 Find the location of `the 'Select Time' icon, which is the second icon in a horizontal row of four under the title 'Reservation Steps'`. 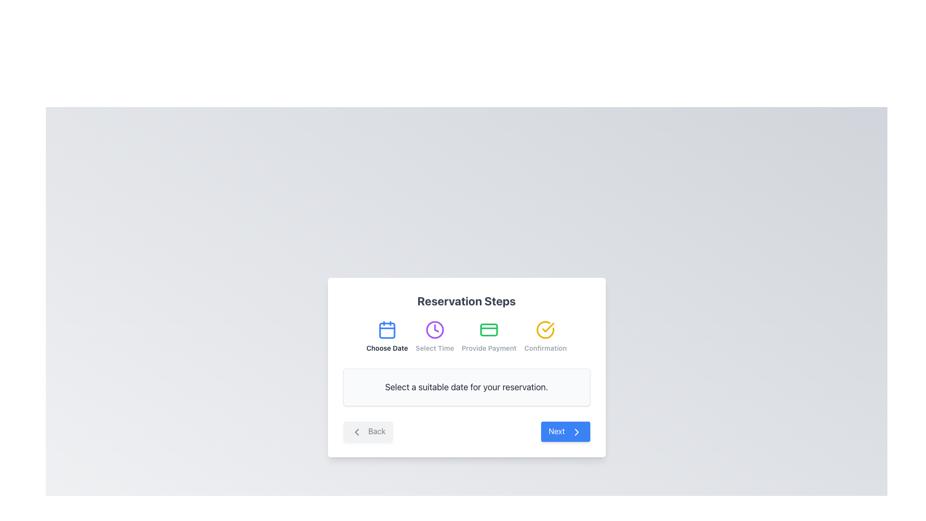

the 'Select Time' icon, which is the second icon in a horizontal row of four under the title 'Reservation Steps' is located at coordinates (434, 329).